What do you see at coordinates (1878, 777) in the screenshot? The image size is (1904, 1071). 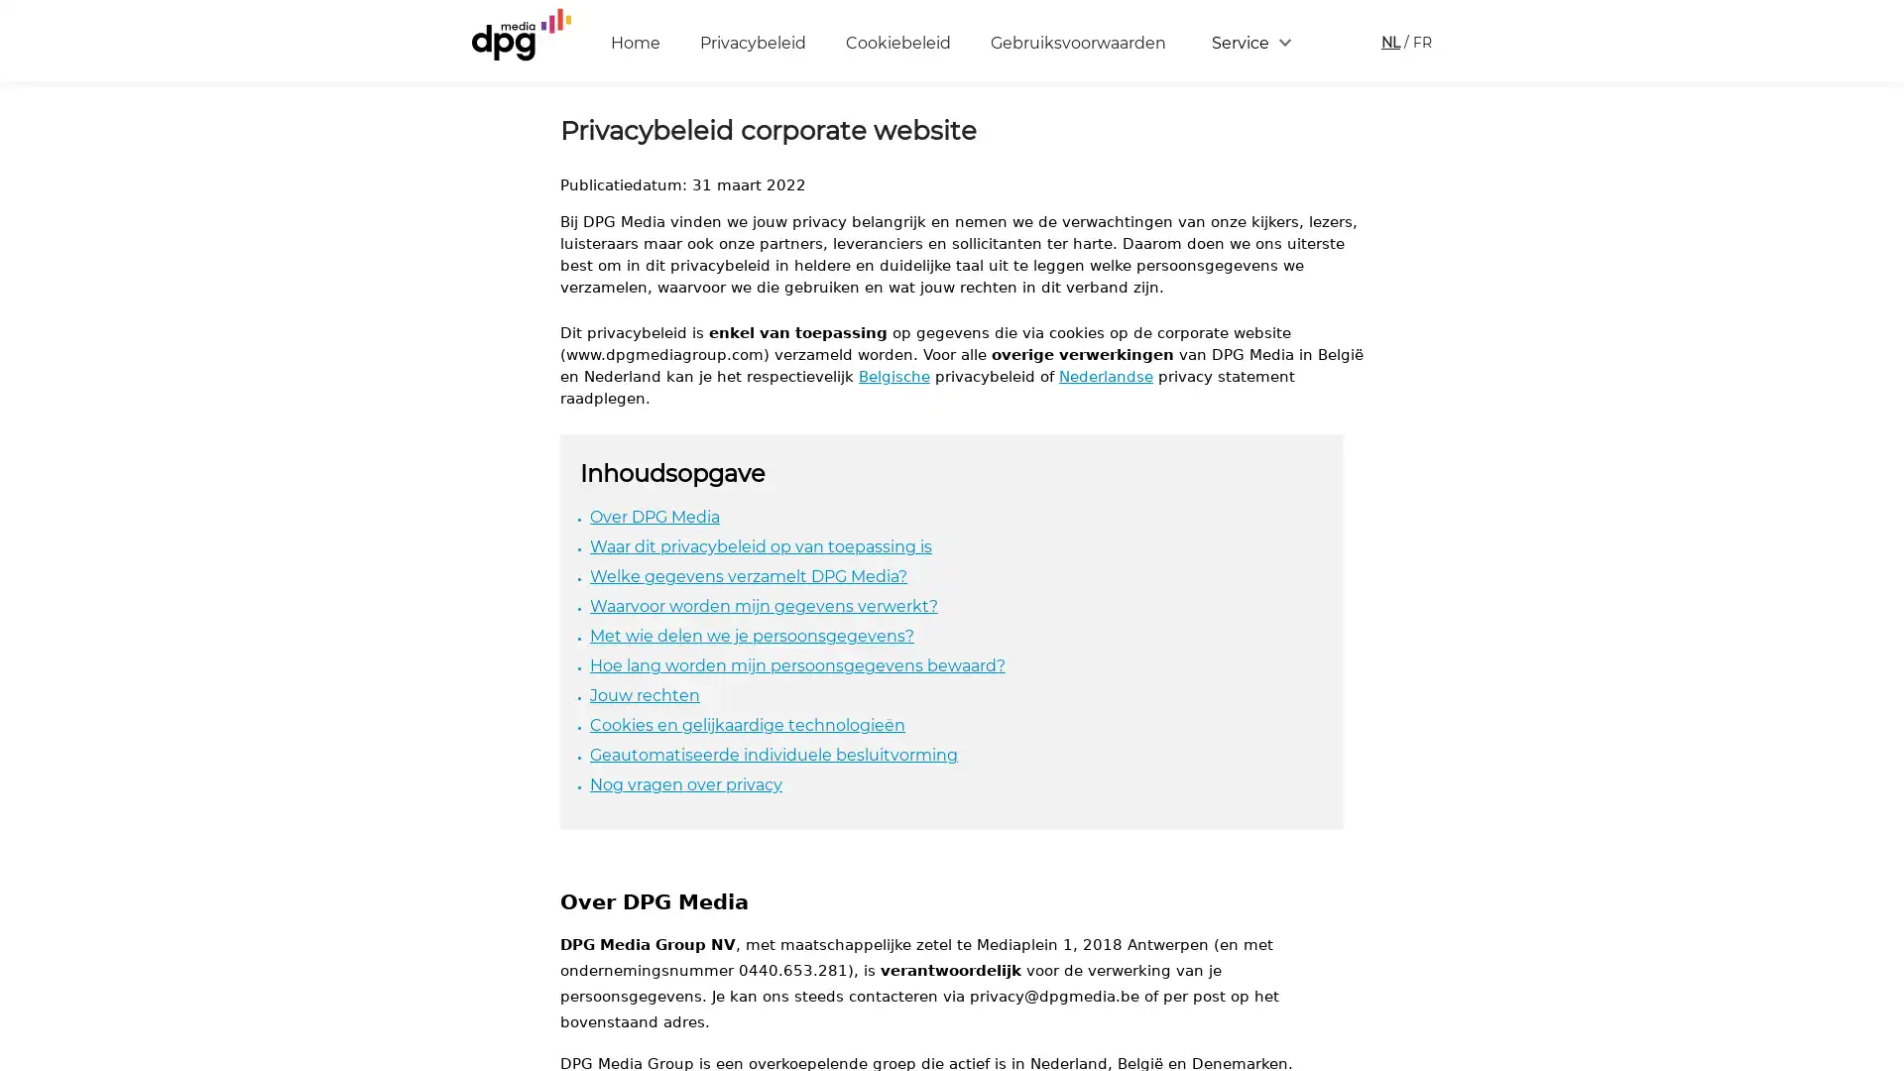 I see `close icon` at bounding box center [1878, 777].